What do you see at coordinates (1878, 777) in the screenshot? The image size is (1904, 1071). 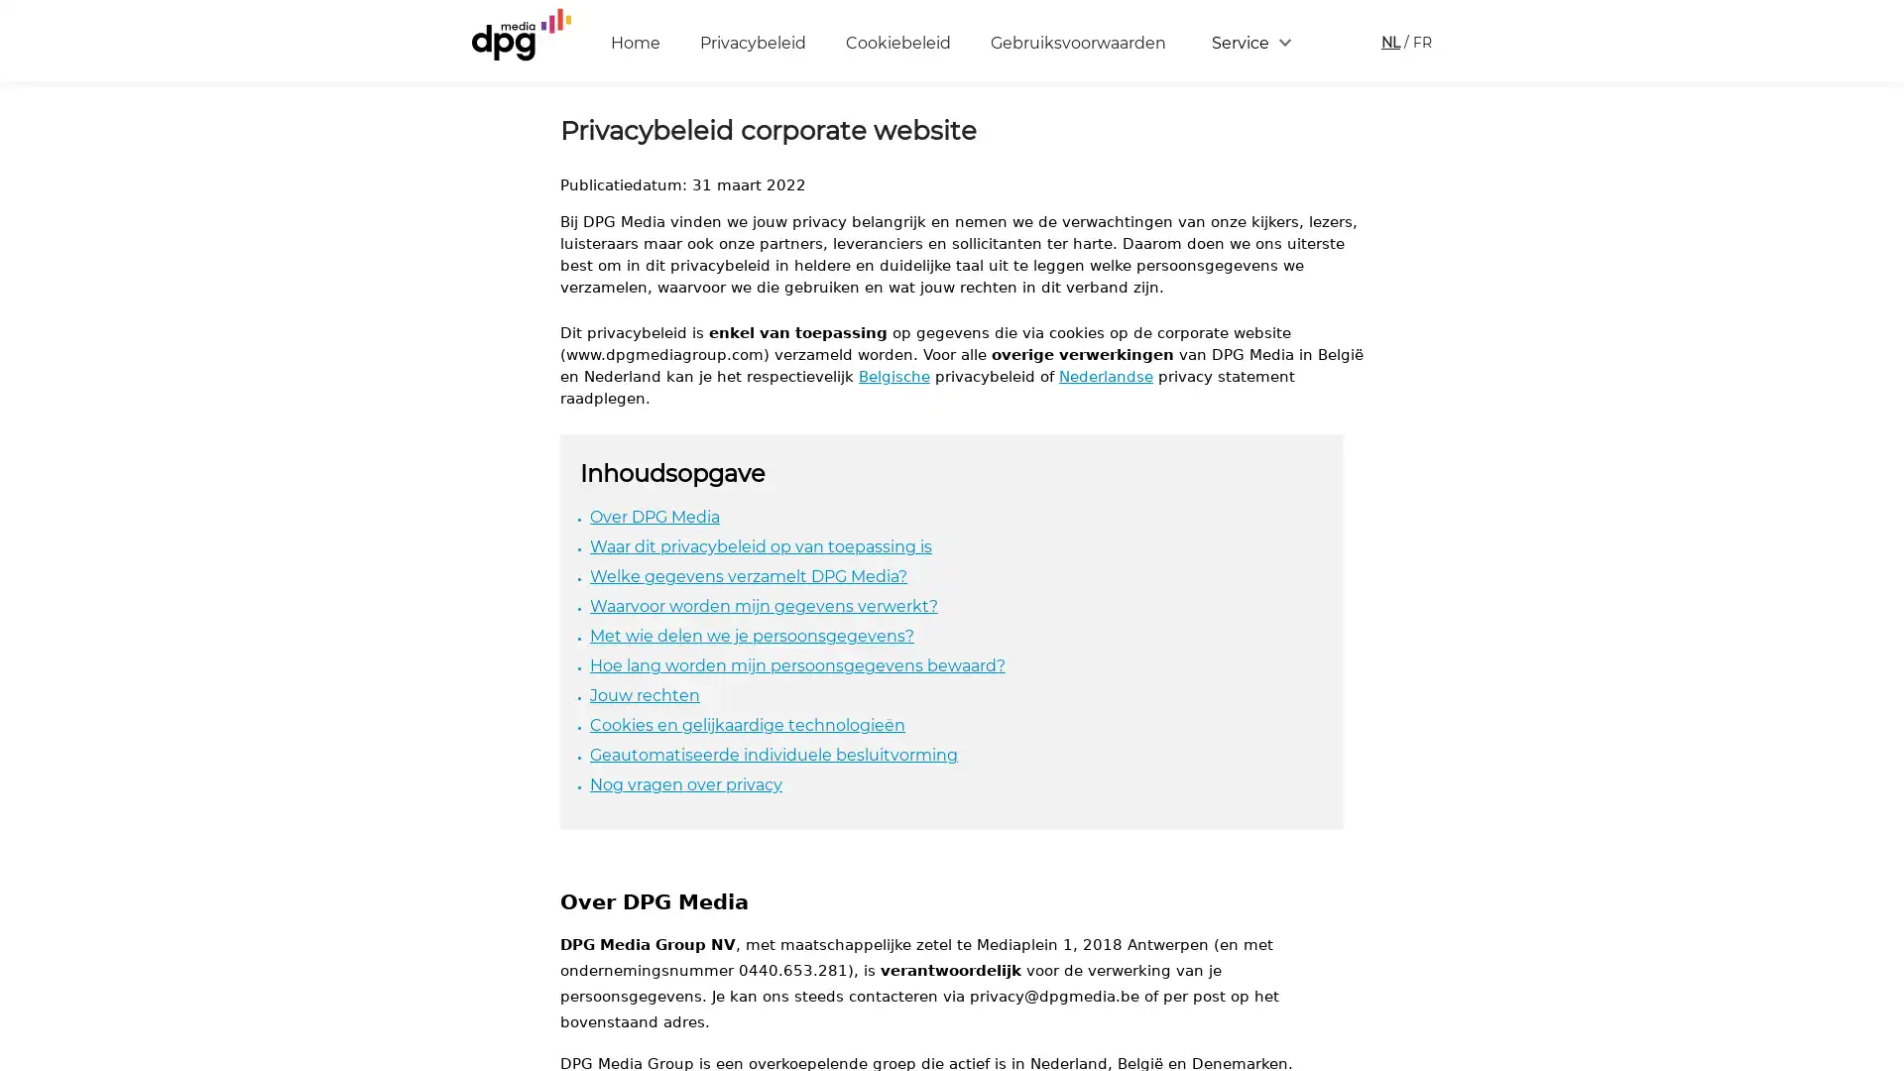 I see `close icon` at bounding box center [1878, 777].